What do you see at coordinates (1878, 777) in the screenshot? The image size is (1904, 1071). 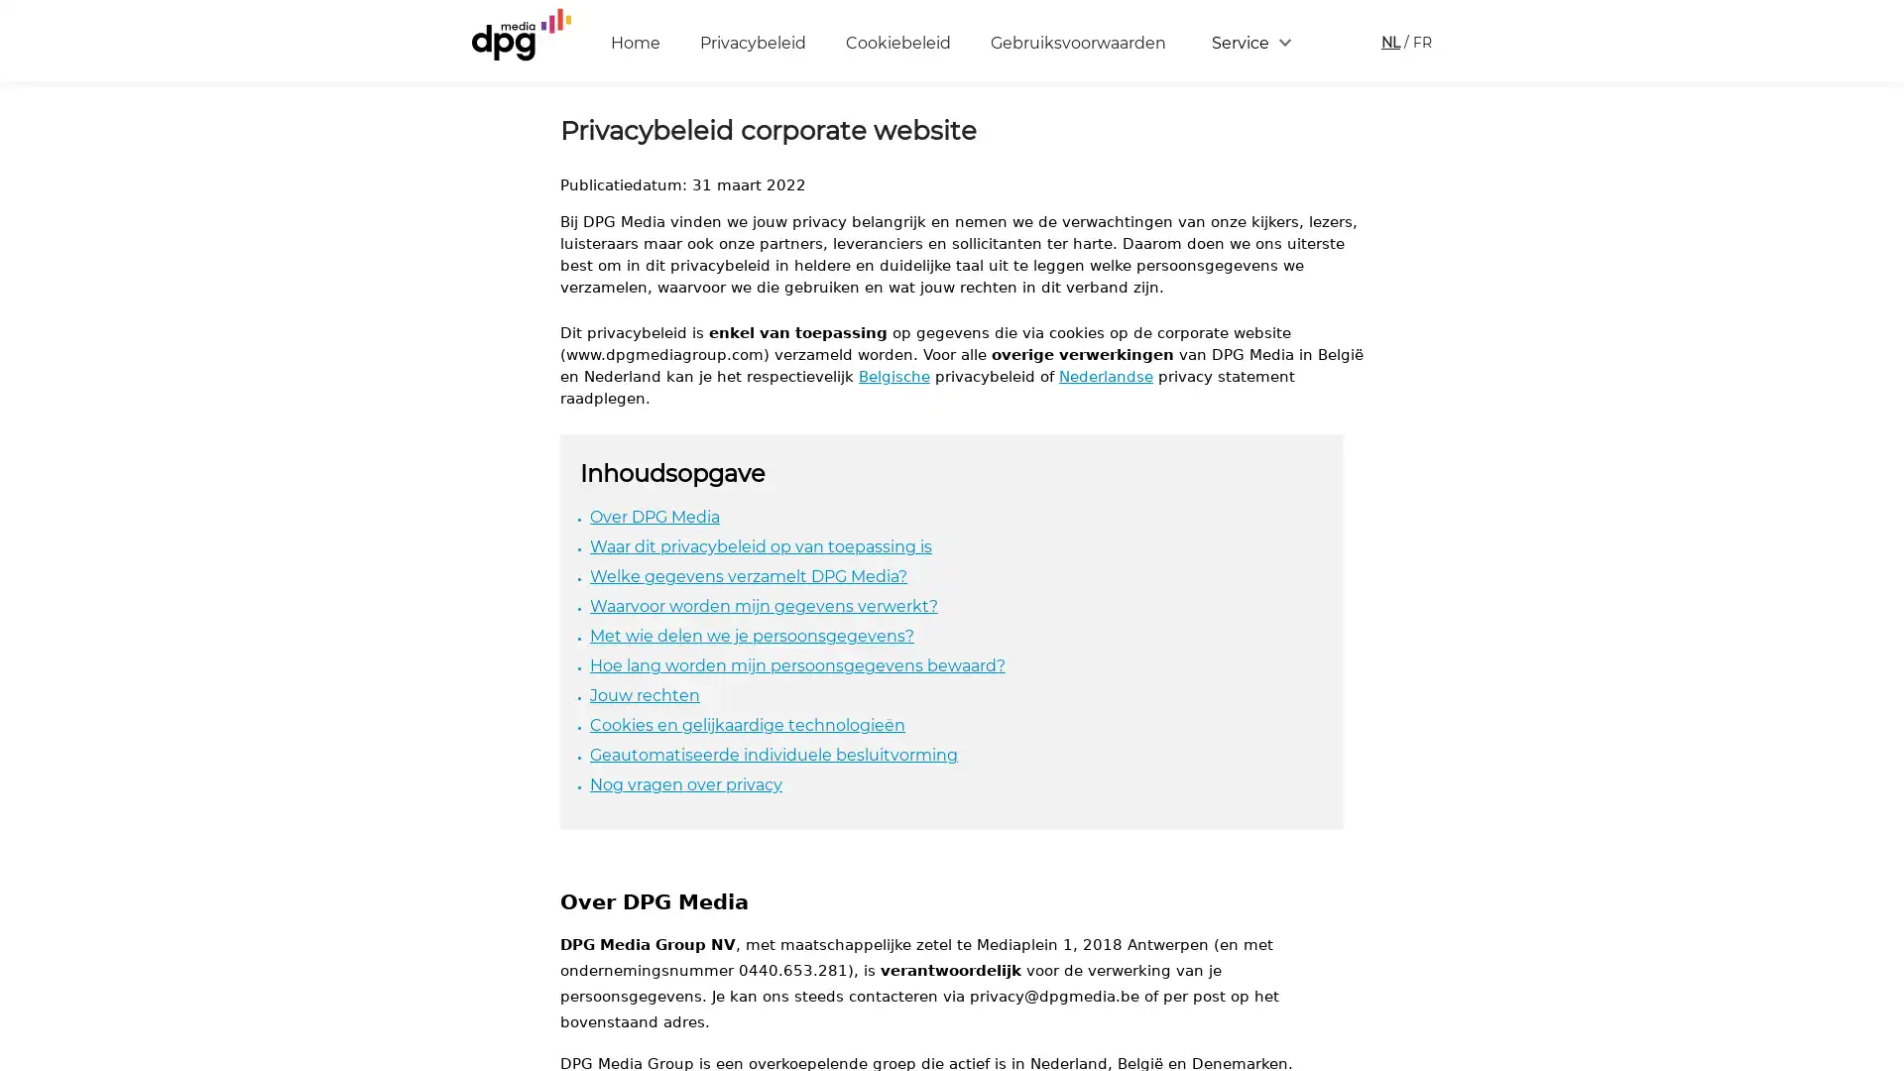 I see `close icon` at bounding box center [1878, 777].